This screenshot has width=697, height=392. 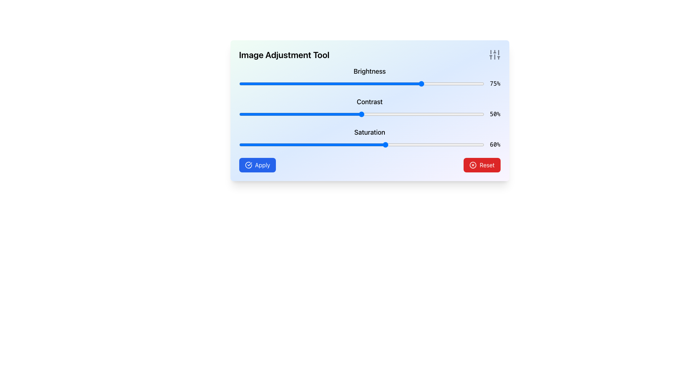 What do you see at coordinates (284, 54) in the screenshot?
I see `the bold title text 'Image Adjustment Tool' located at the top left of the interface` at bounding box center [284, 54].